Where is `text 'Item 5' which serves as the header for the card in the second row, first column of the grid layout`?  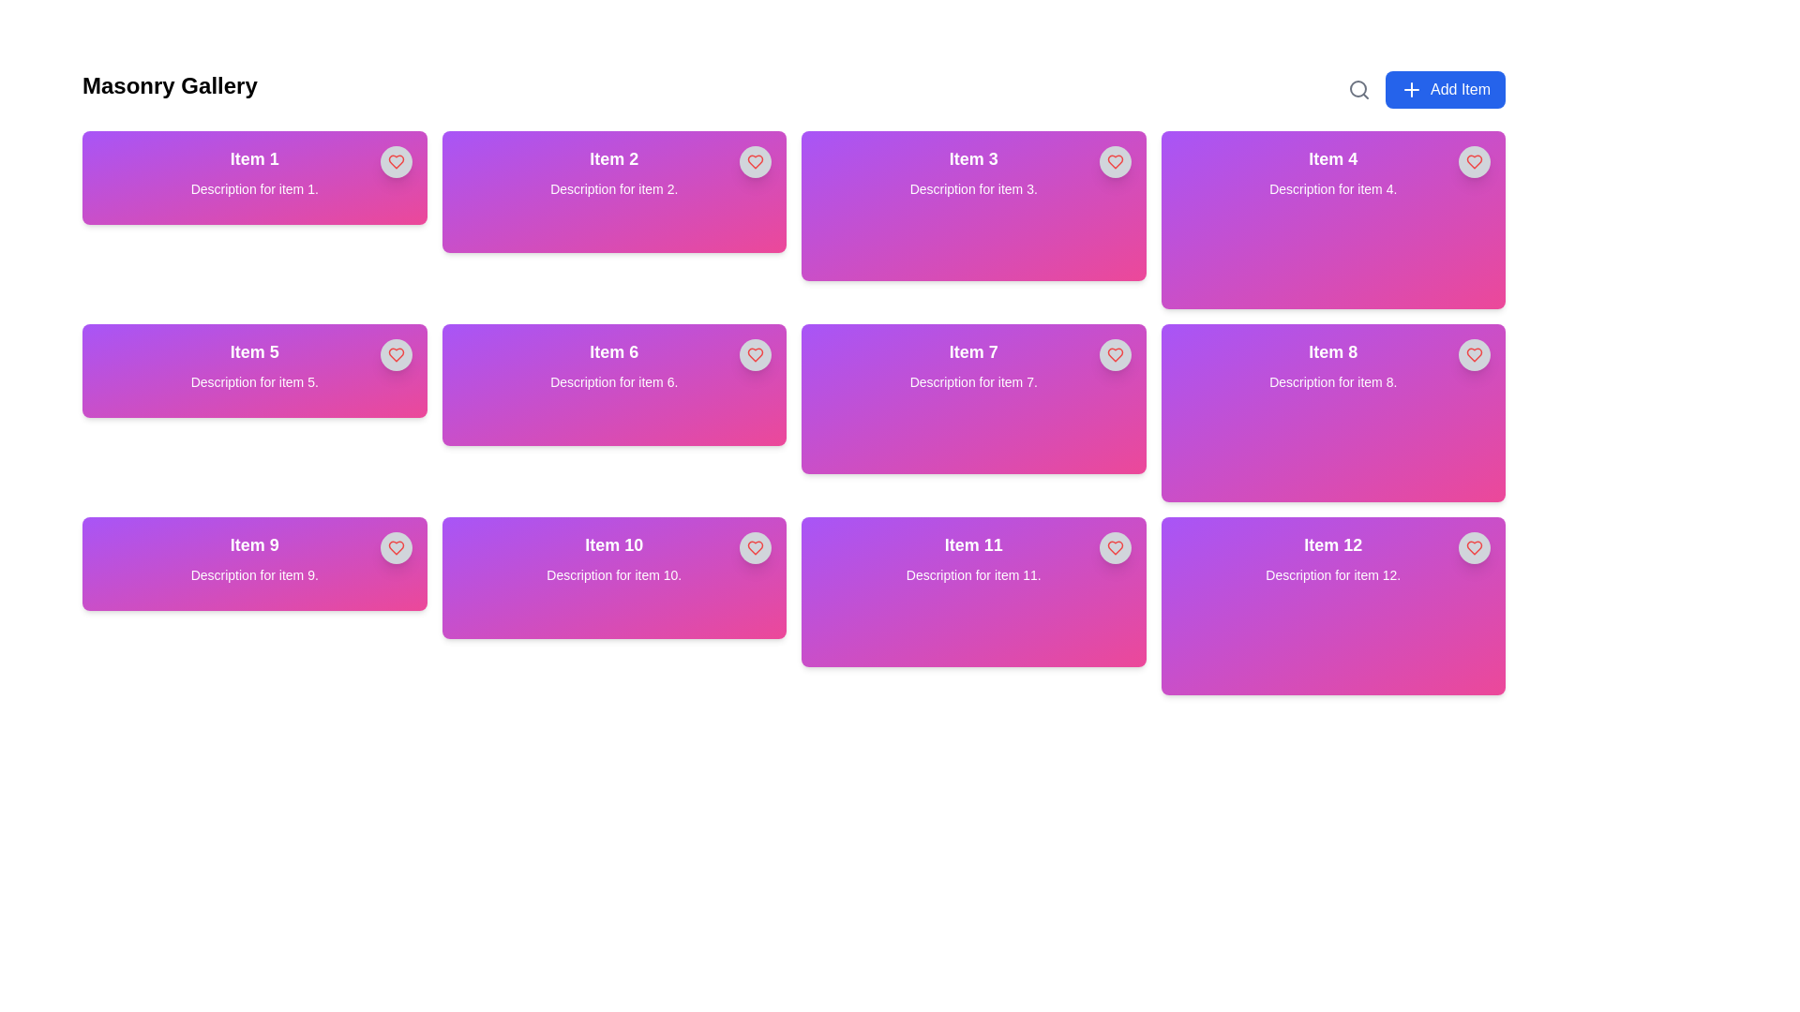
text 'Item 5' which serves as the header for the card in the second row, first column of the grid layout is located at coordinates (253, 351).